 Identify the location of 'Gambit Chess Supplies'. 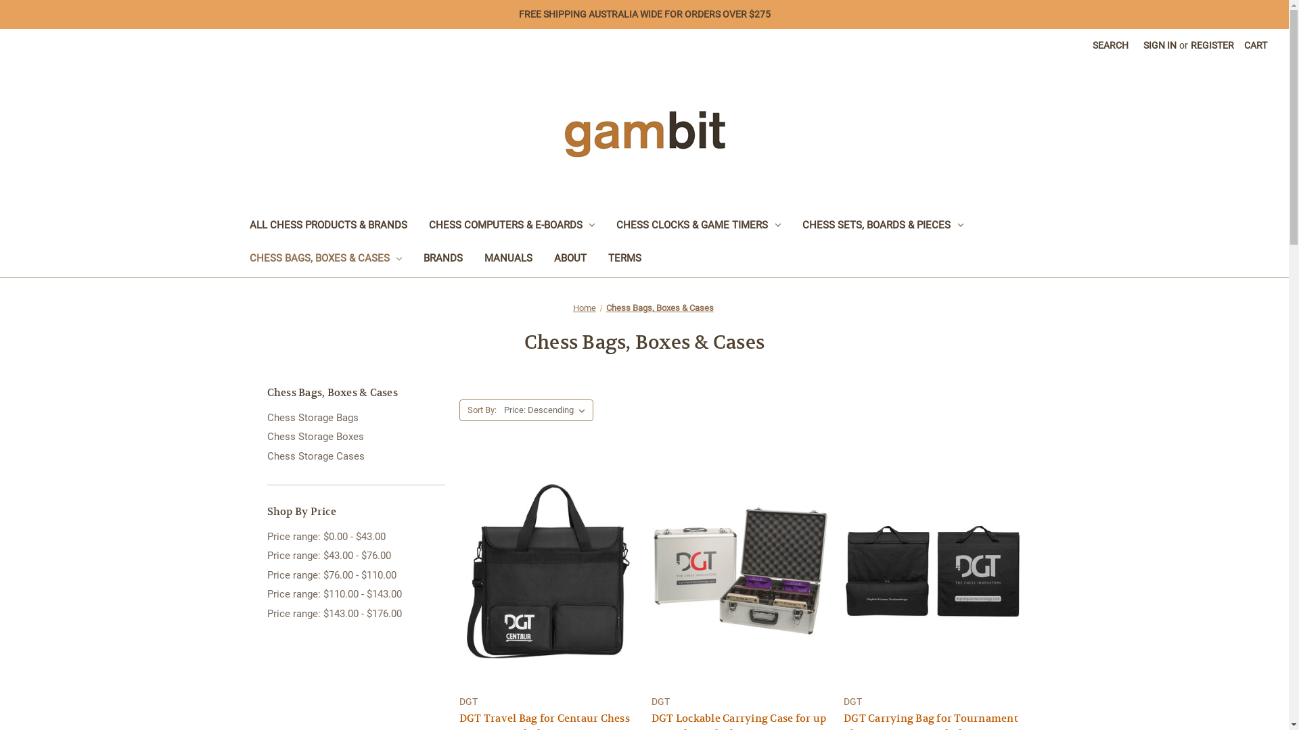
(644, 133).